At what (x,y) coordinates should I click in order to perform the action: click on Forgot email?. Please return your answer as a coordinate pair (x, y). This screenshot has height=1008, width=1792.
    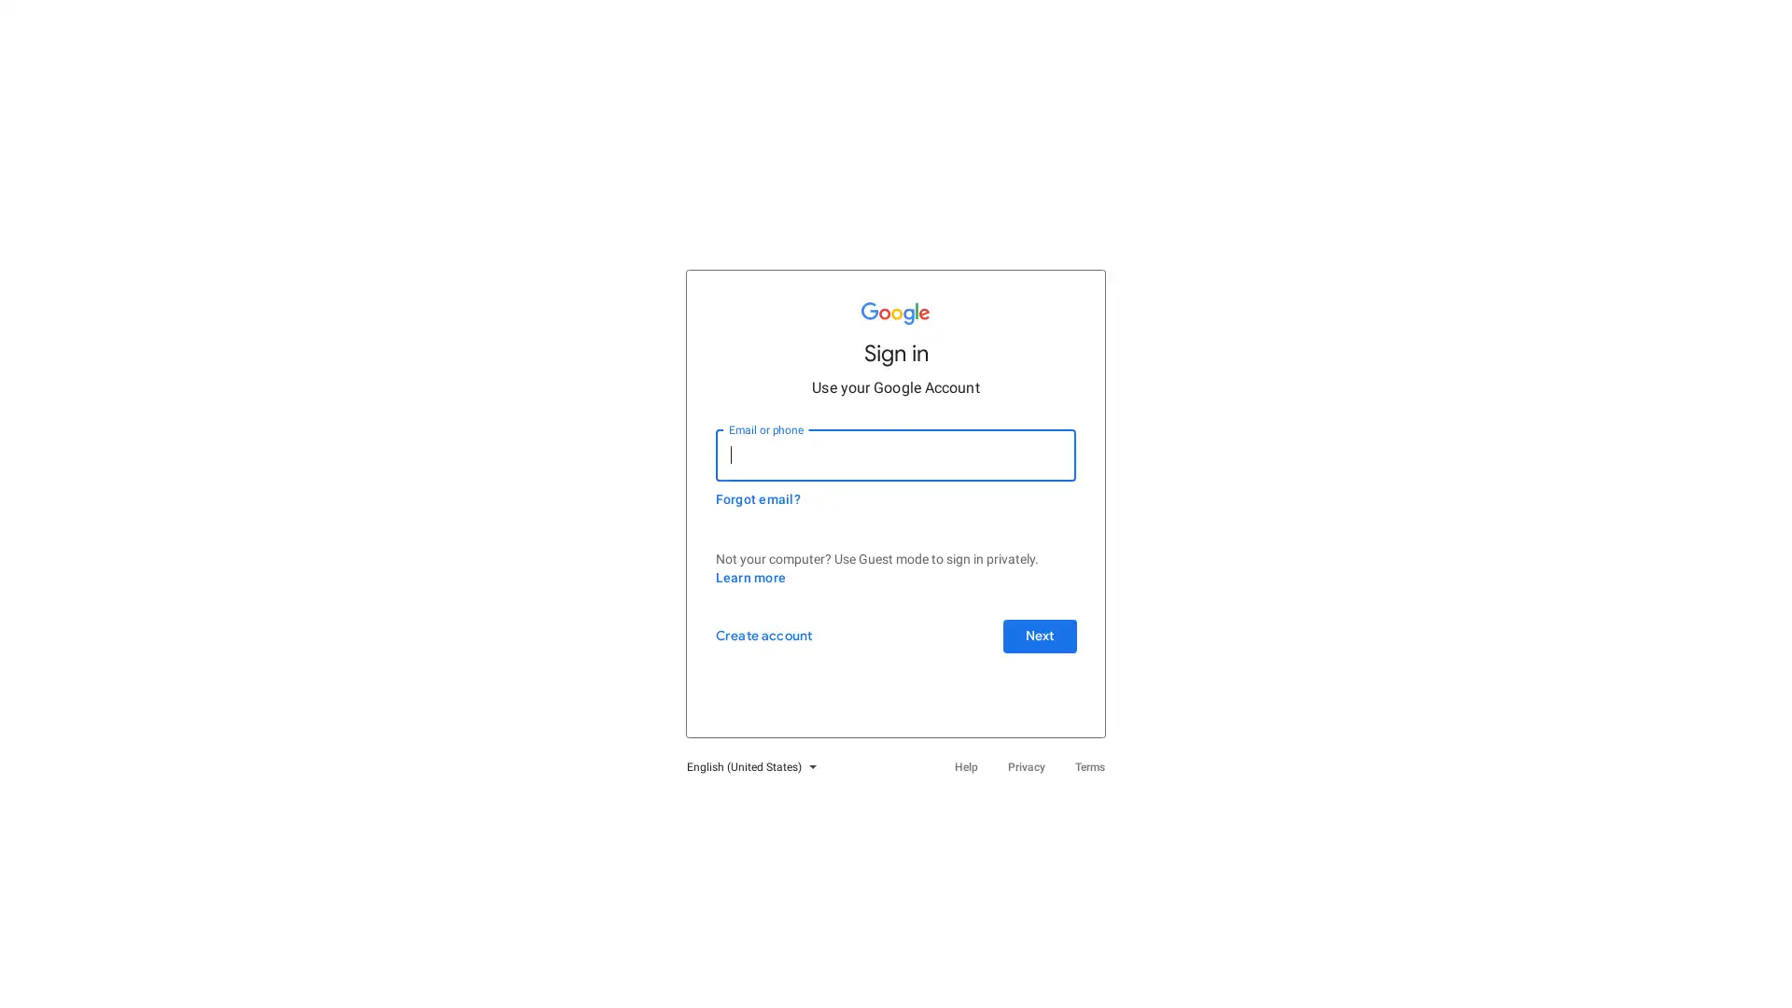
    Looking at the image, I should click on (766, 511).